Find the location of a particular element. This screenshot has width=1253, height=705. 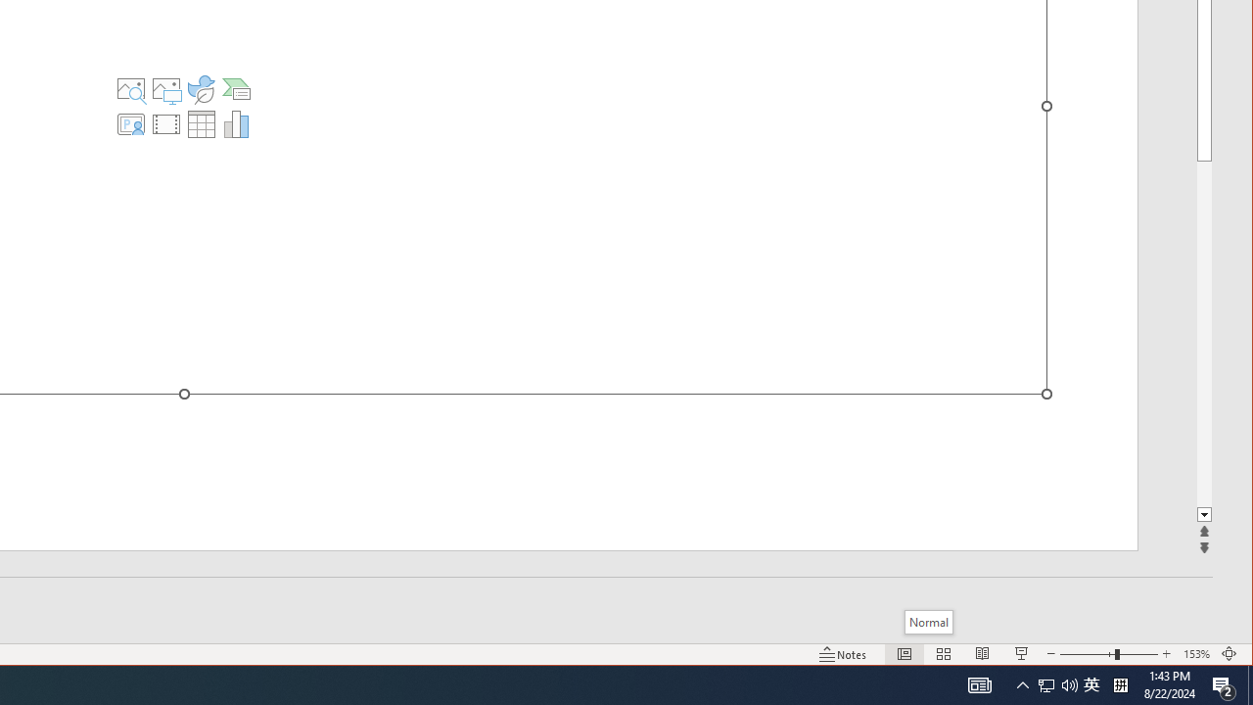

'Zoom 153%' is located at coordinates (1195, 654).